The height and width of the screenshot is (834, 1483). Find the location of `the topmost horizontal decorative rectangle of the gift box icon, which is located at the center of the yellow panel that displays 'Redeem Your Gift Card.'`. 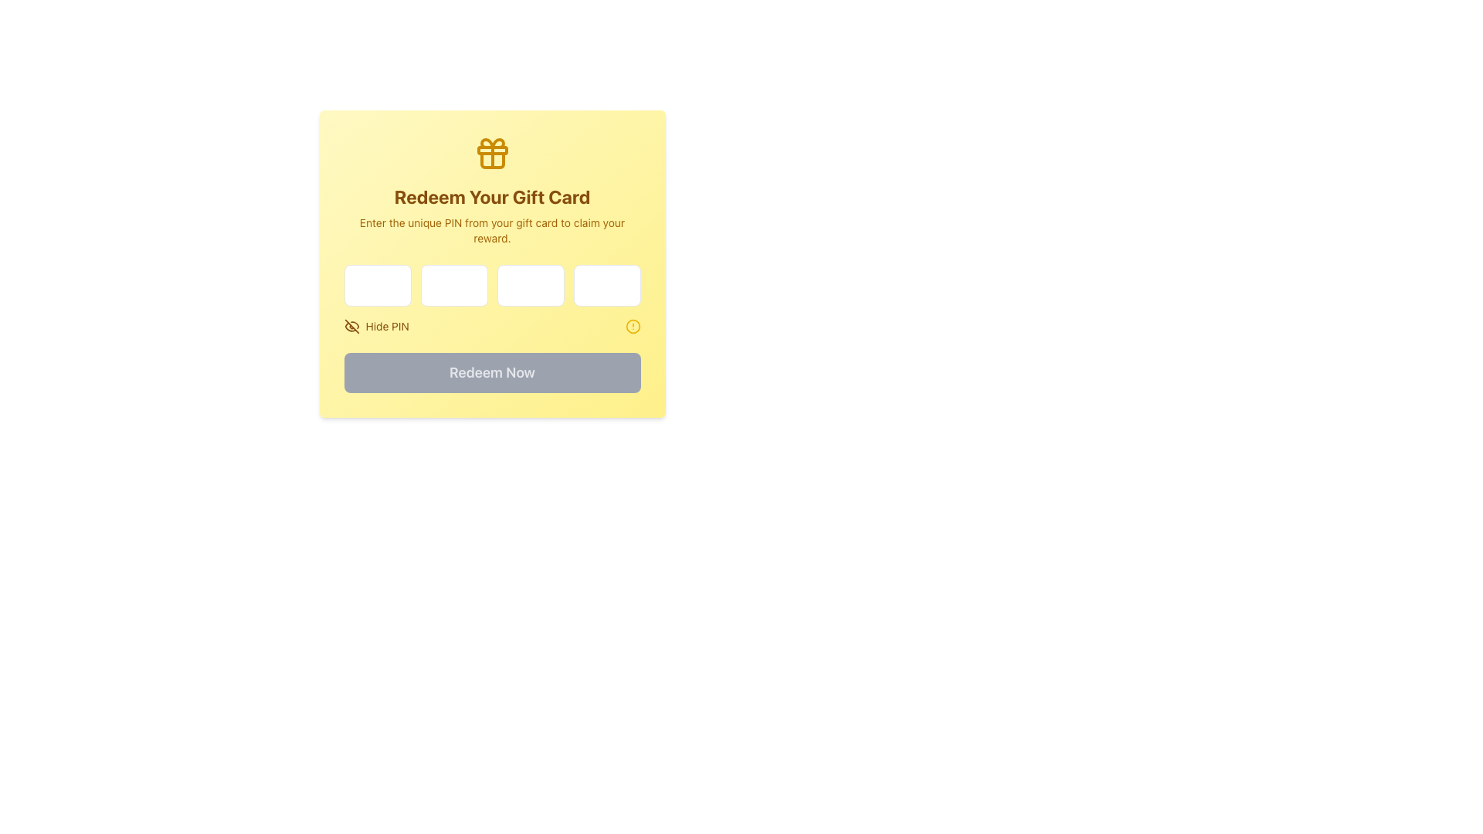

the topmost horizontal decorative rectangle of the gift box icon, which is located at the center of the yellow panel that displays 'Redeem Your Gift Card.' is located at coordinates (491, 151).